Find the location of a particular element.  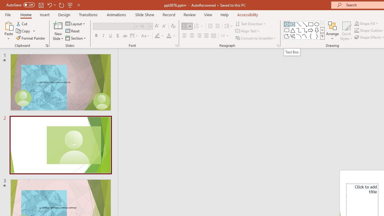

'Shape Outline Green, Accent 1' is located at coordinates (357, 30).